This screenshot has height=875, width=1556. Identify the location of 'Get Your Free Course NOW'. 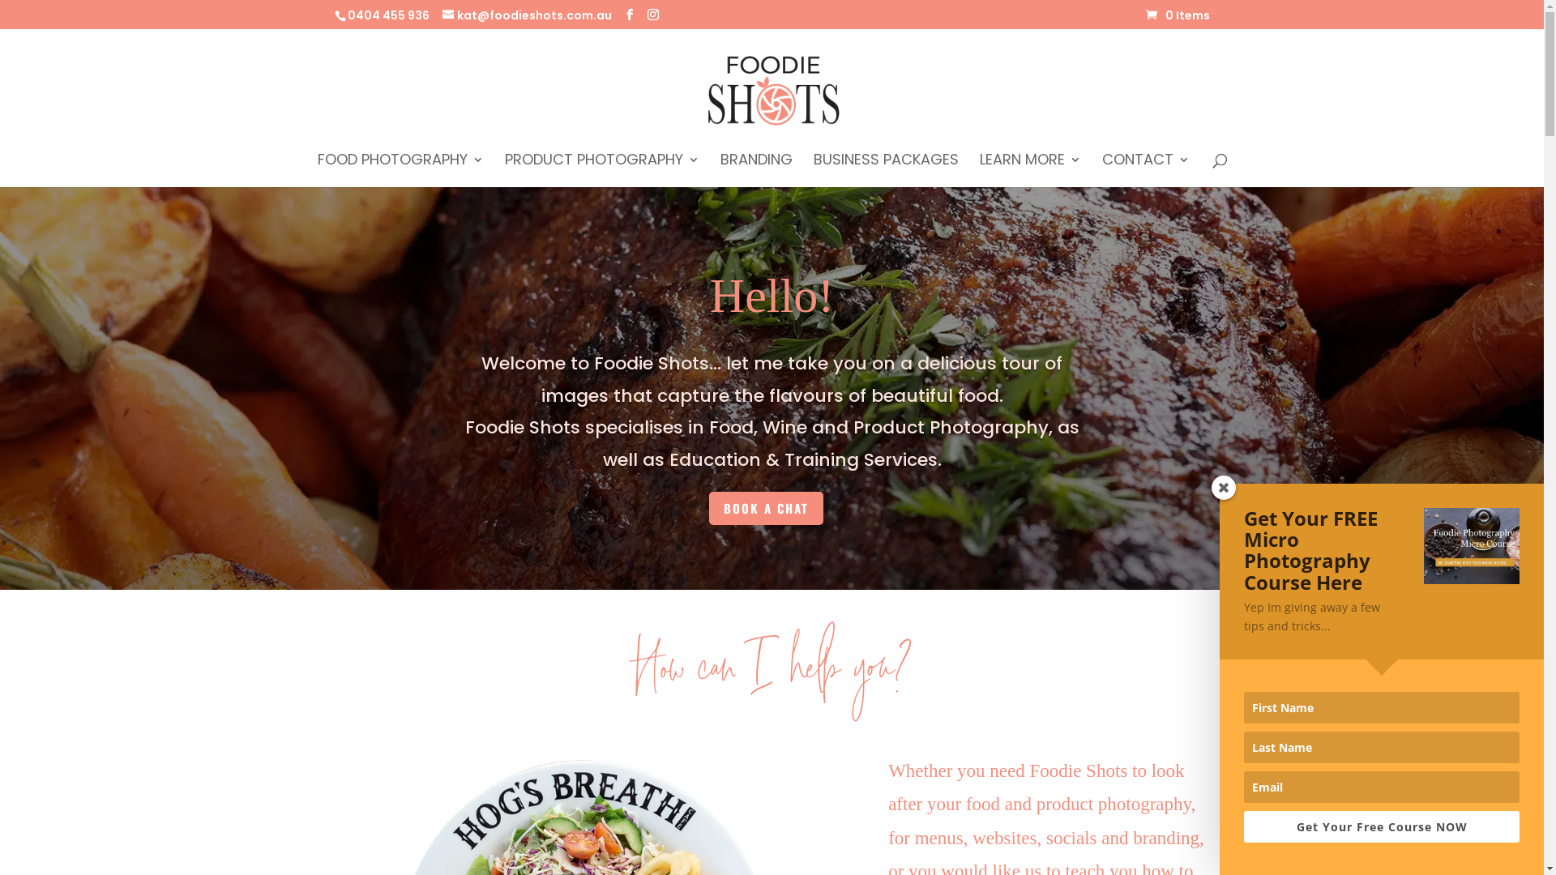
(1380, 826).